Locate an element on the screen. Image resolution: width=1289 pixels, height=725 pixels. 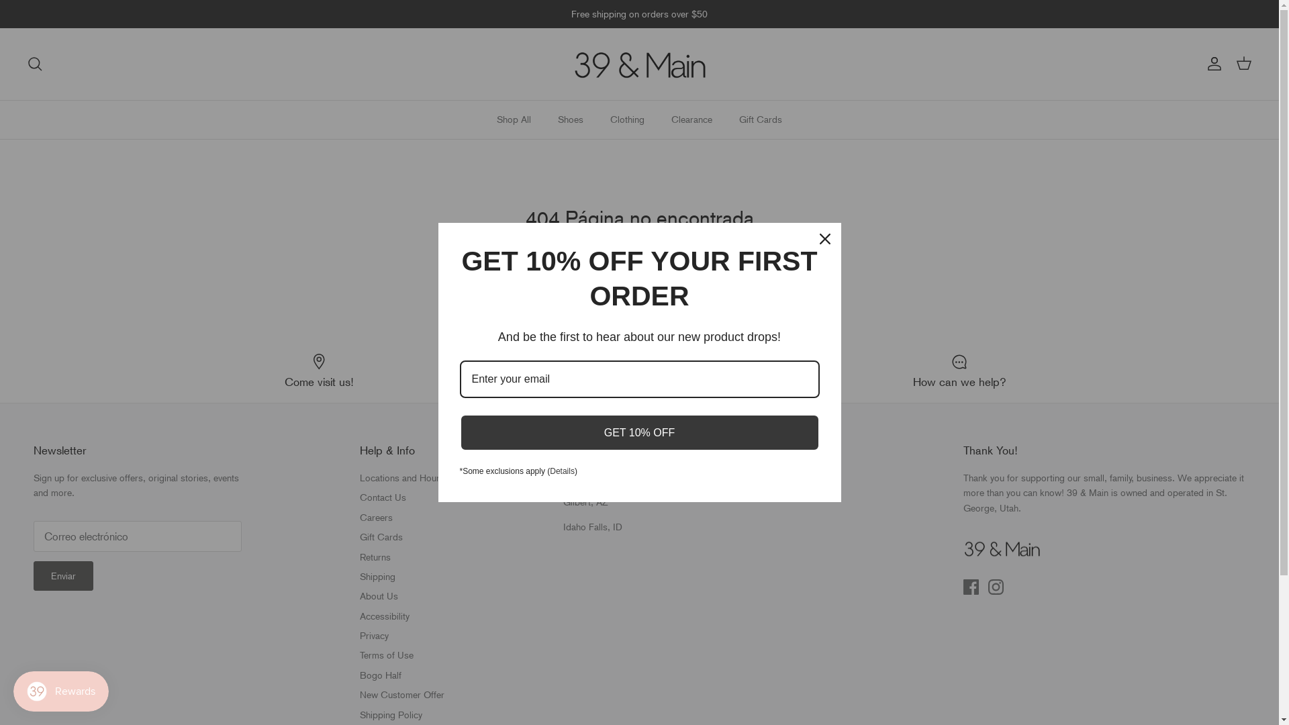
'New Customer Offer' is located at coordinates (401, 694).